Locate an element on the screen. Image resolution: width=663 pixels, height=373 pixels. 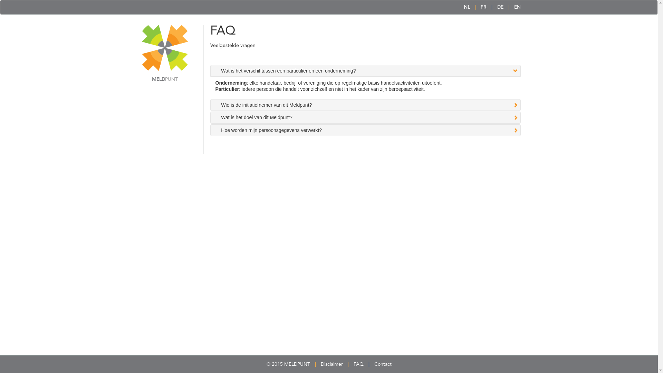
'EN' is located at coordinates (517, 7).